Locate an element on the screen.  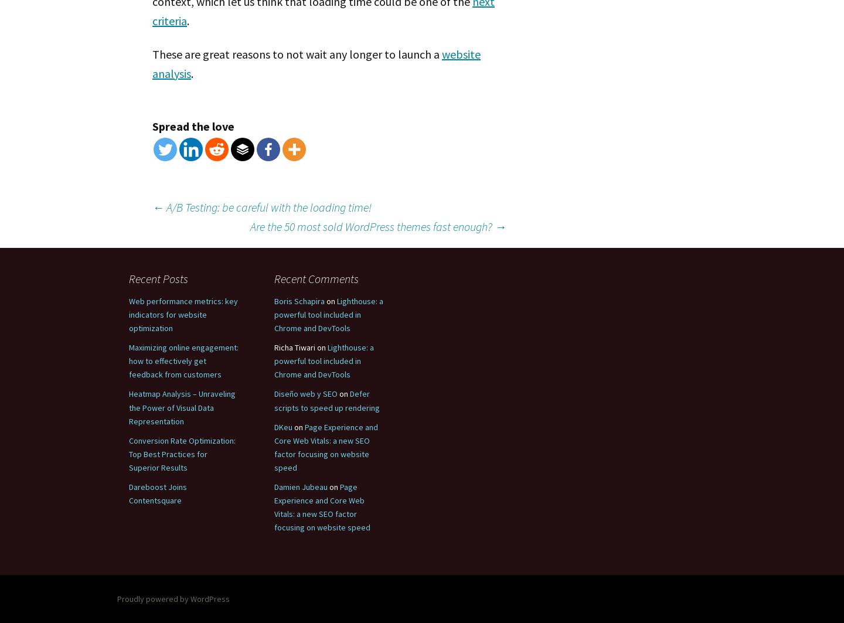
'A/B Testing: be careful with the loading time!' is located at coordinates (268, 206).